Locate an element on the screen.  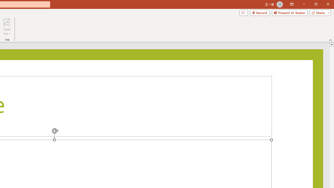
'Minimize' is located at coordinates (304, 4).